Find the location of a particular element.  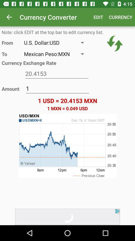

text is located at coordinates (56, 73).